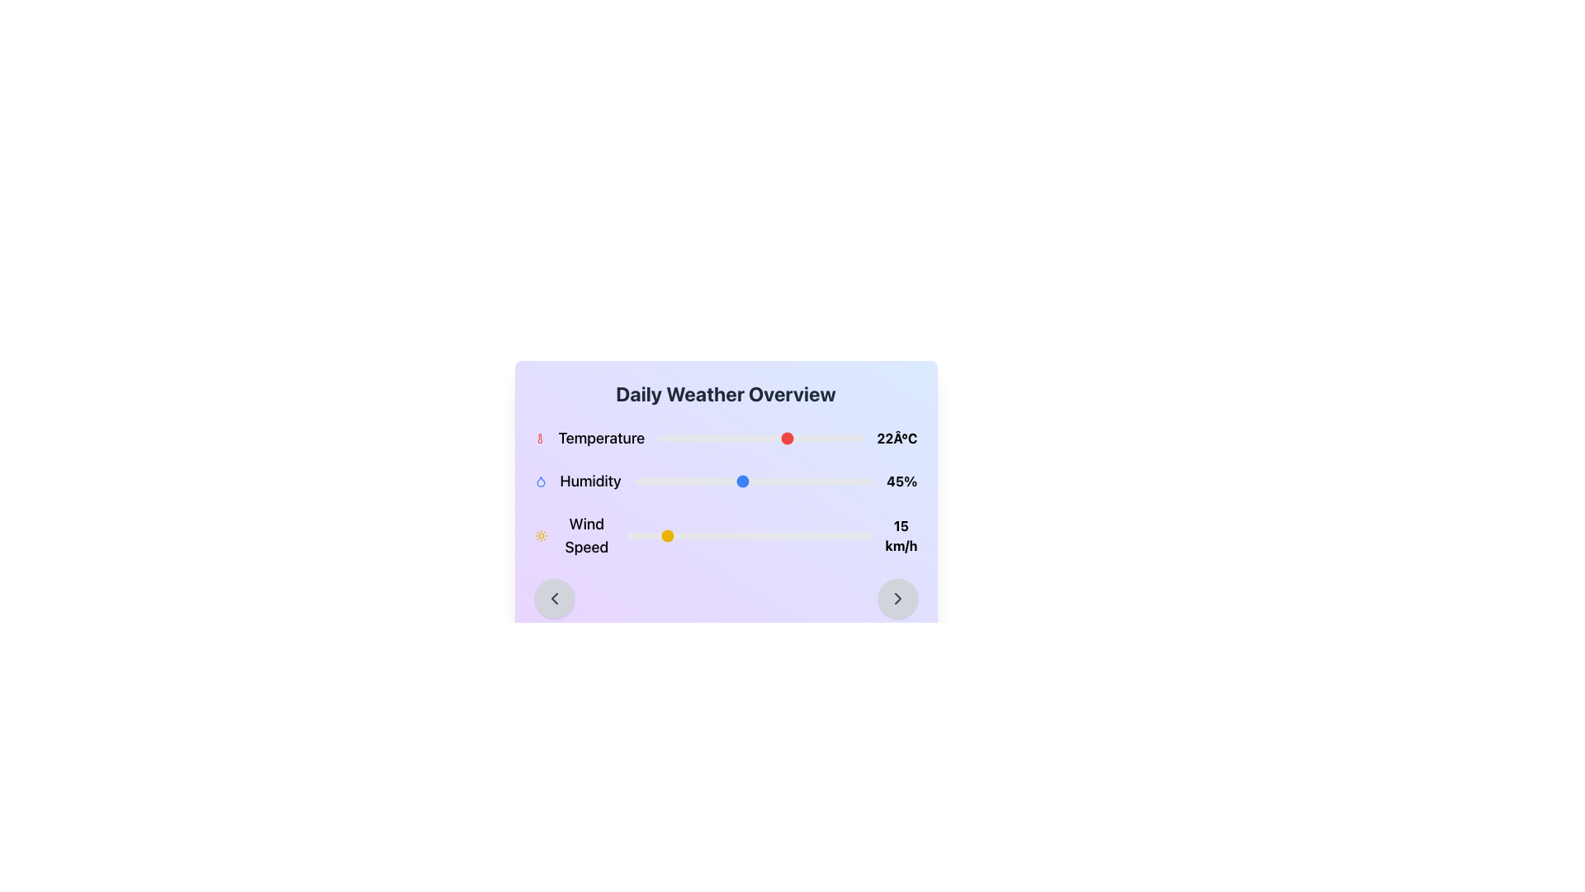 The image size is (1585, 892). I want to click on humidity, so click(703, 481).